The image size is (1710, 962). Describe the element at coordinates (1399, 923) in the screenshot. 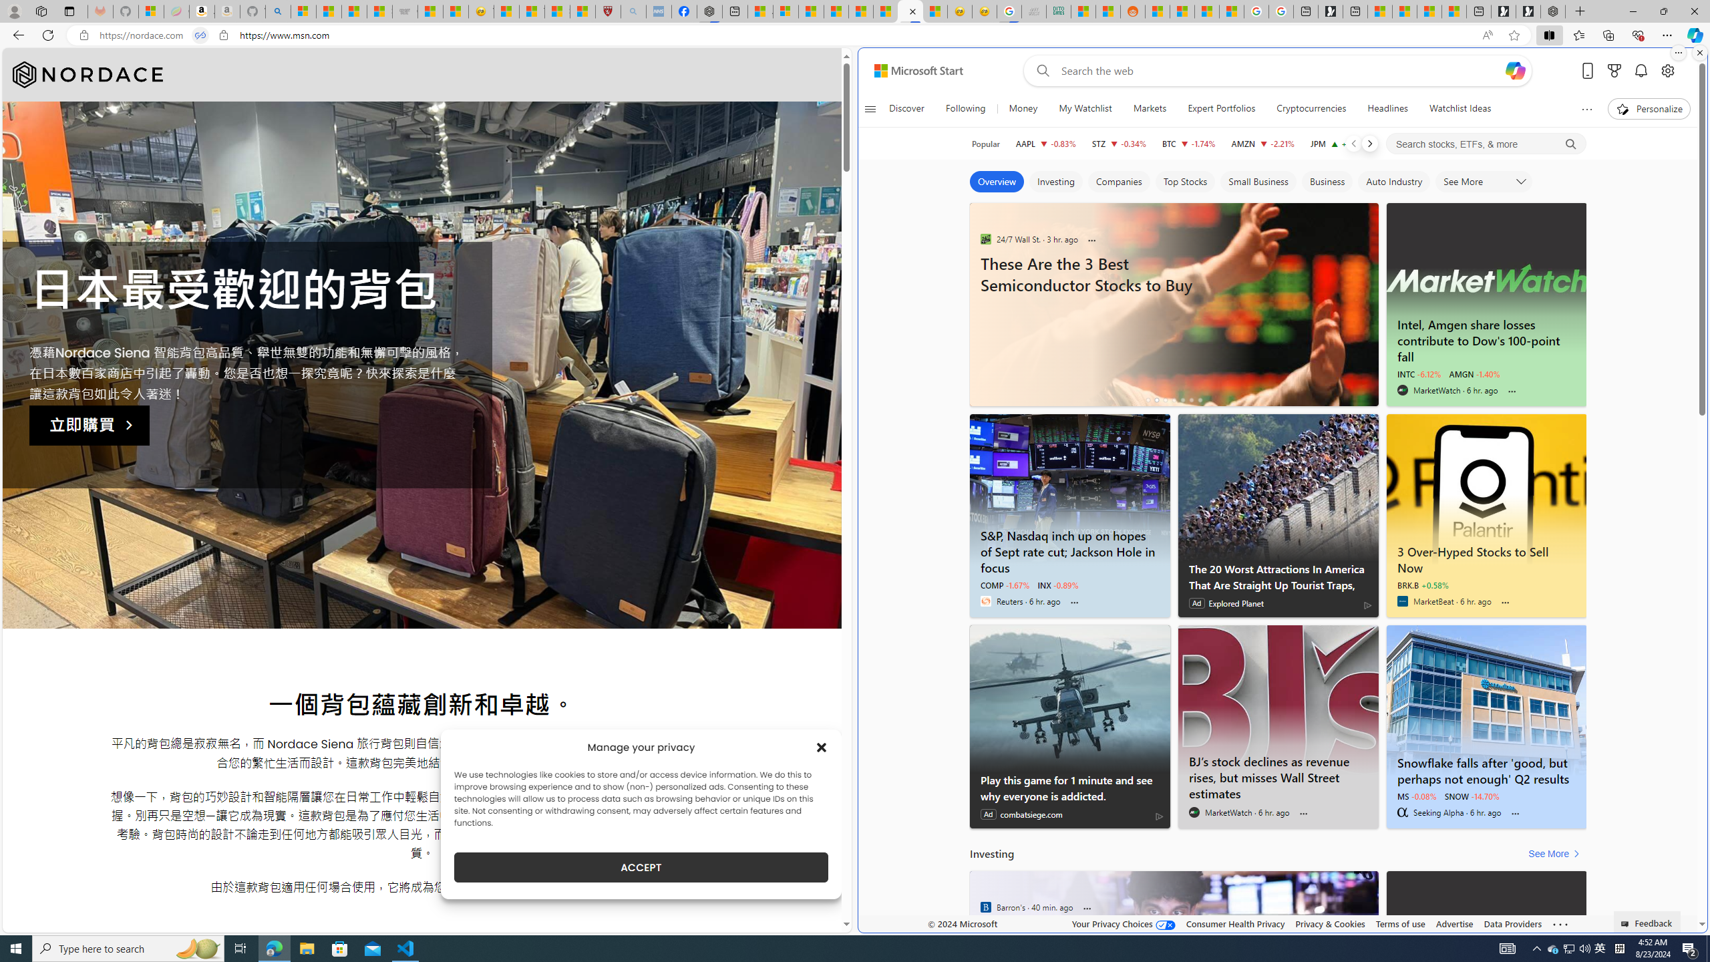

I see `'Terms of use'` at that location.